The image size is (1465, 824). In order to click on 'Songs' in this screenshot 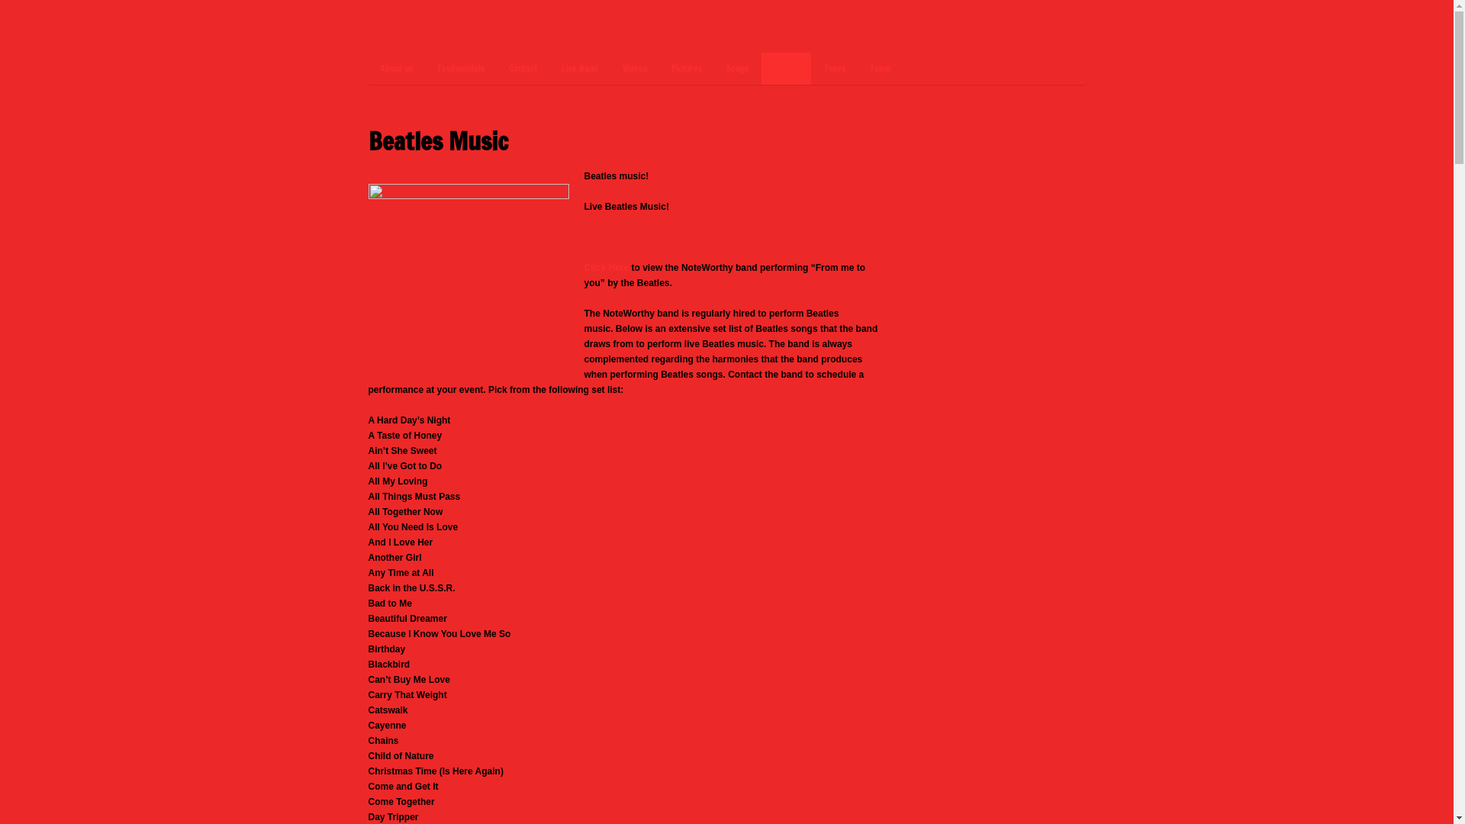, I will do `click(713, 67)`.